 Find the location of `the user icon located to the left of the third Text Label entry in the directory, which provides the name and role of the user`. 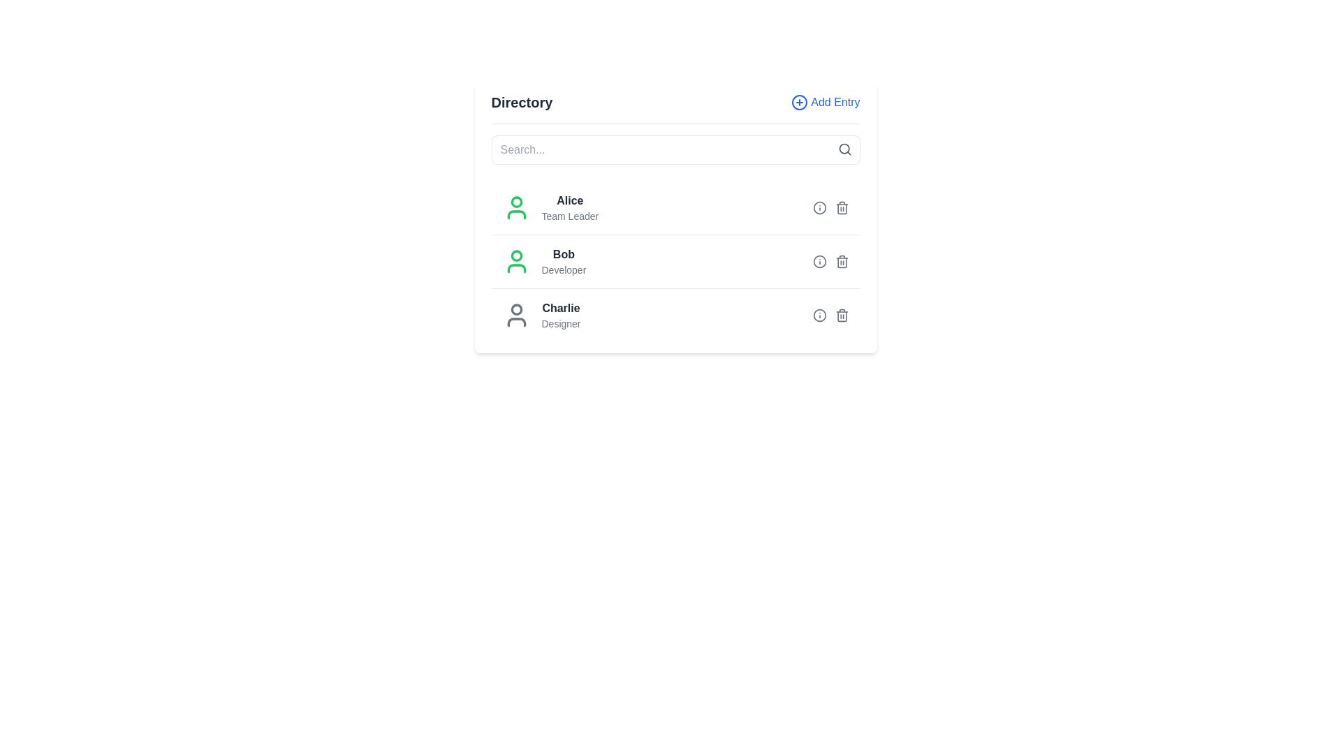

the user icon located to the left of the third Text Label entry in the directory, which provides the name and role of the user is located at coordinates (561, 315).